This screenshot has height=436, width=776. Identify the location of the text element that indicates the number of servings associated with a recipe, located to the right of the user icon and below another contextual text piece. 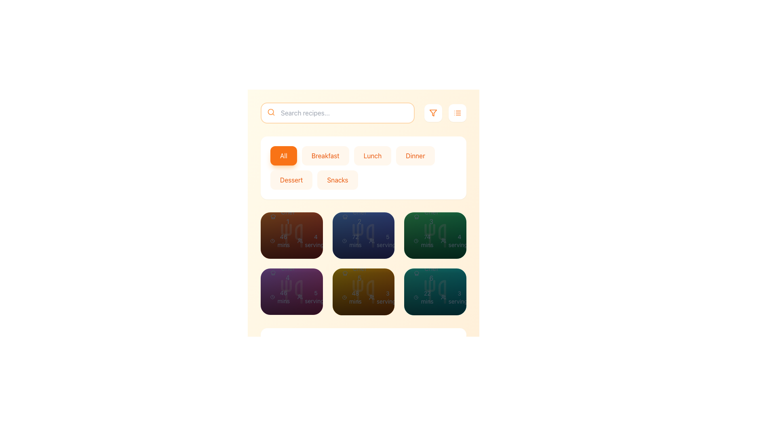
(384, 297).